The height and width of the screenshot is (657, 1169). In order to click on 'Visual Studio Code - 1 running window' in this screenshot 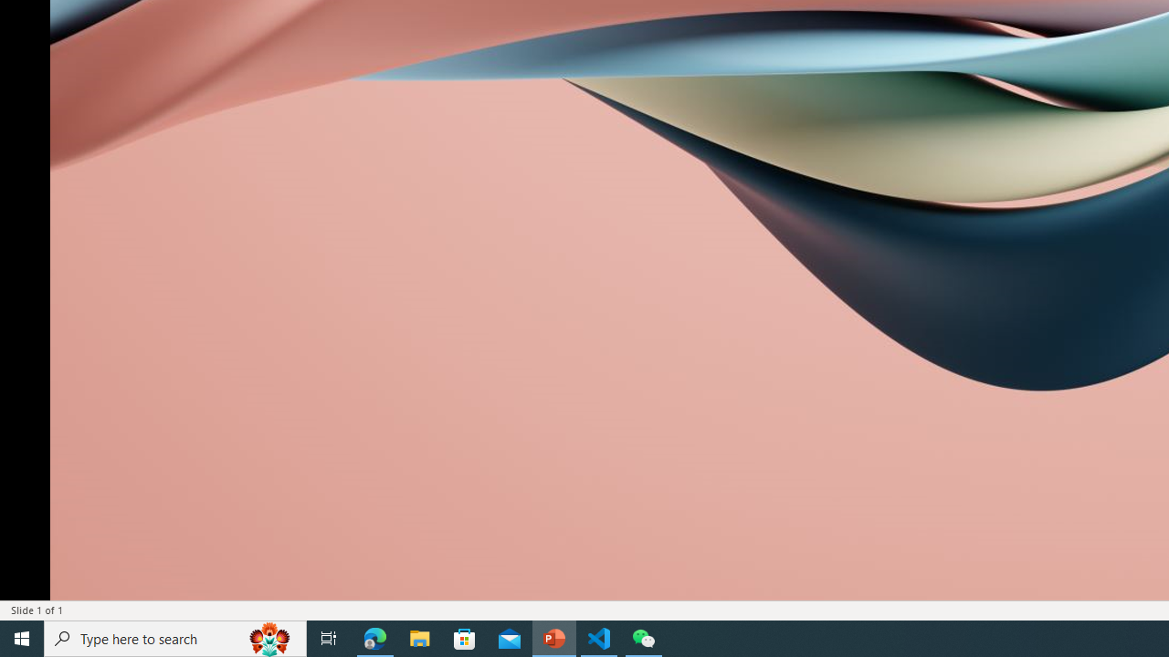, I will do `click(599, 637)`.